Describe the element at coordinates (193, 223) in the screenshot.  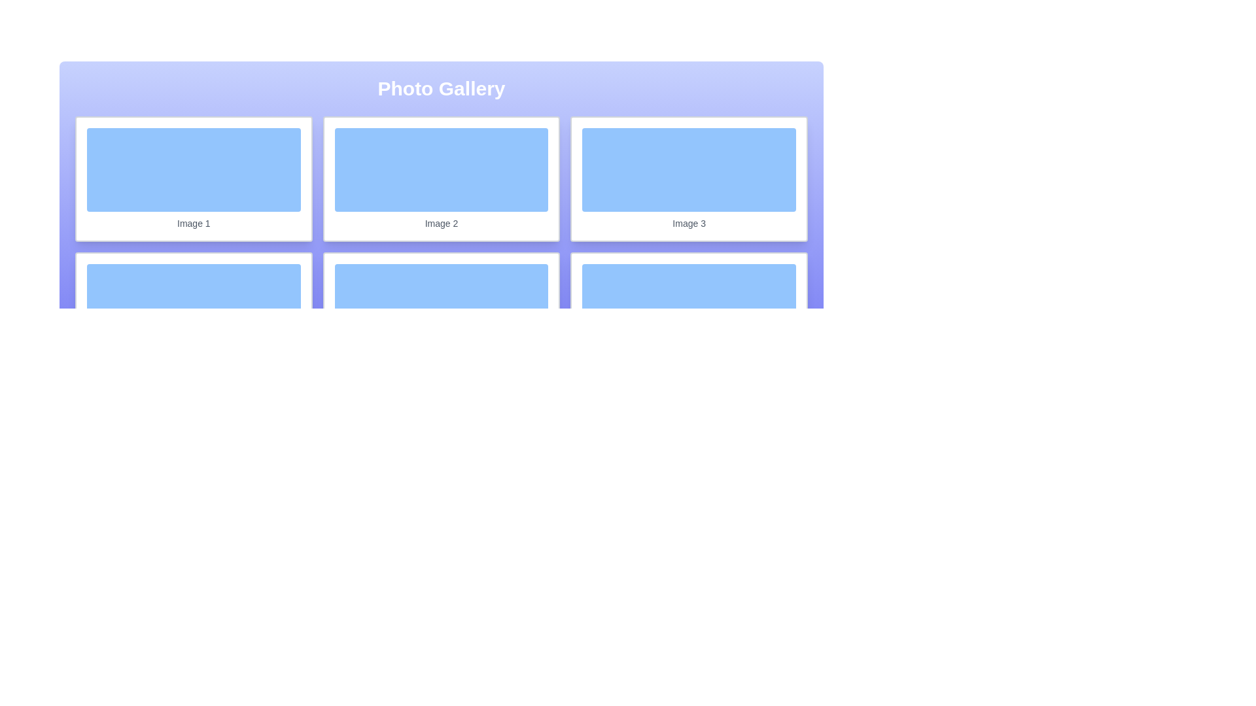
I see `text displayed in the label styled in a small gray font that shows 'Image 1', located at the bottom of the first photo card in the gallery` at that location.